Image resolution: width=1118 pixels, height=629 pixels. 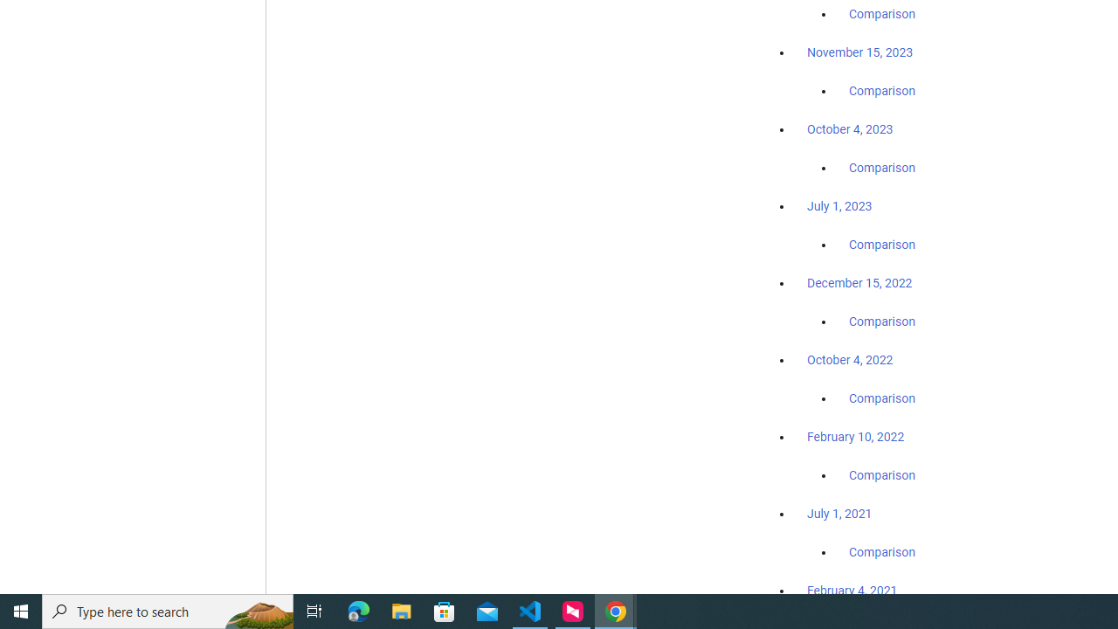 I want to click on 'December 15, 2022', so click(x=859, y=282).